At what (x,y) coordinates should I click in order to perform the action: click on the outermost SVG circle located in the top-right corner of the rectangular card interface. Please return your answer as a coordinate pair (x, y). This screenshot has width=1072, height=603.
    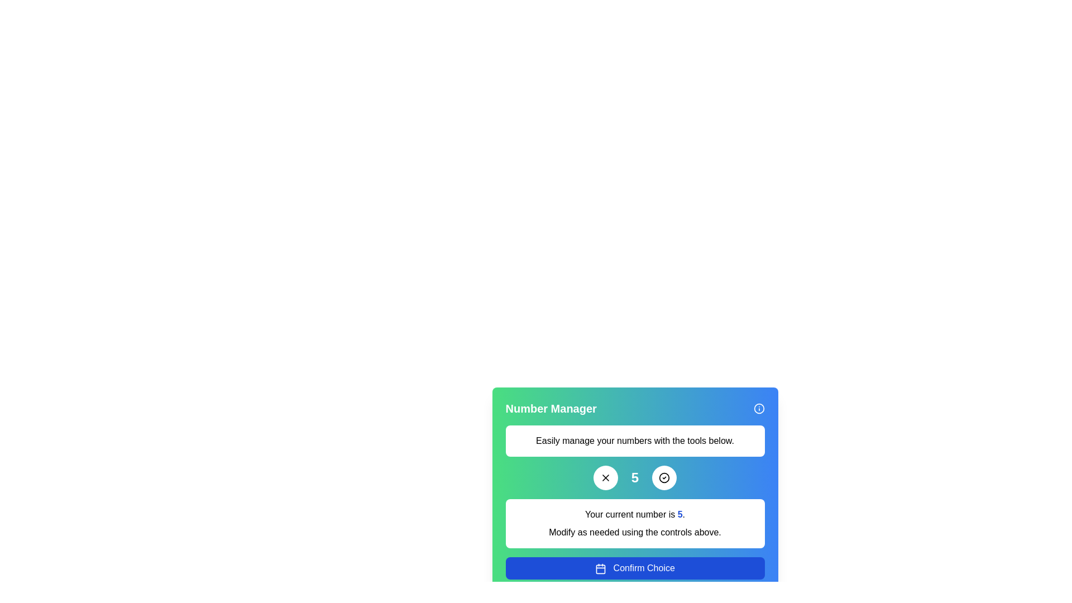
    Looking at the image, I should click on (759, 409).